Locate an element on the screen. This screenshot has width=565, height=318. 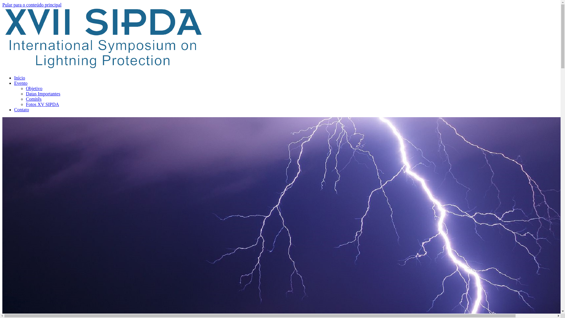
'Datas Importantes' is located at coordinates (43, 93).